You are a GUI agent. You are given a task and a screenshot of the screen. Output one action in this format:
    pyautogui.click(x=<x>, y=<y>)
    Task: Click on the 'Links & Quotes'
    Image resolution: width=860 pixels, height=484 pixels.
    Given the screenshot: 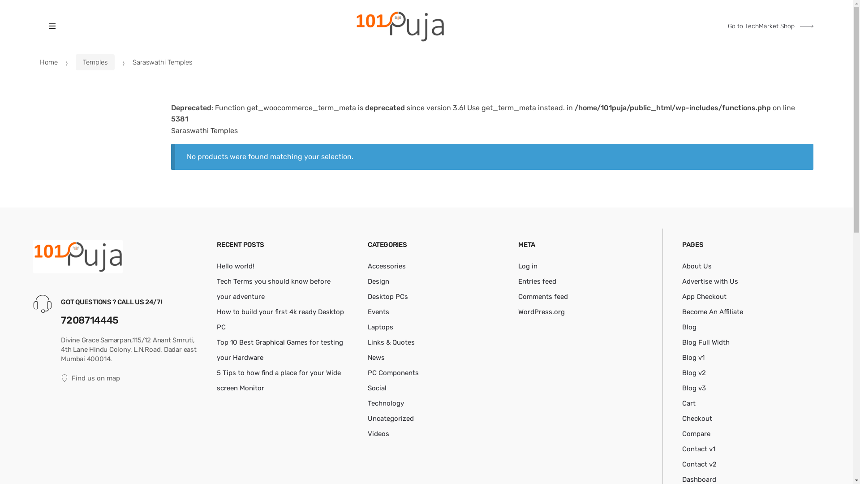 What is the action you would take?
    pyautogui.click(x=391, y=342)
    